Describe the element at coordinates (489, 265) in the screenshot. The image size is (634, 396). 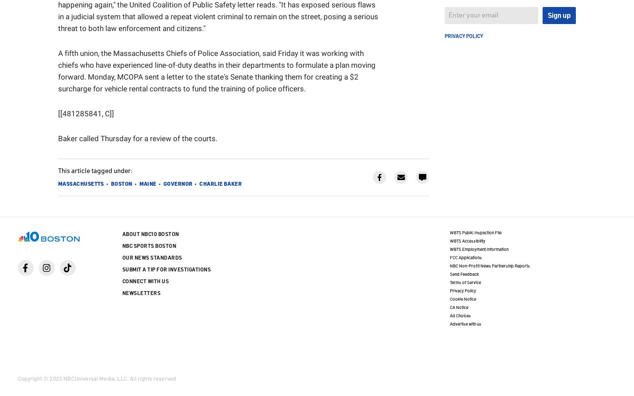
I see `'NBC Non-Profit News Partnership Reports'` at that location.